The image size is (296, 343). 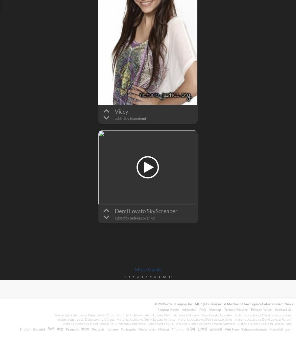 What do you see at coordinates (148, 269) in the screenshot?
I see `'More Cards'` at bounding box center [148, 269].